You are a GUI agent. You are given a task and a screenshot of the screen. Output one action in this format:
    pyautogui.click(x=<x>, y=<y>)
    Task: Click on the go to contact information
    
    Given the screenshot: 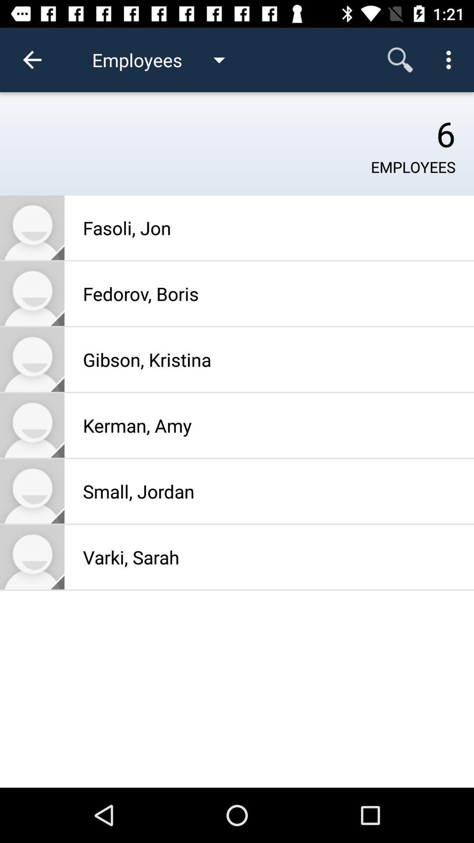 What is the action you would take?
    pyautogui.click(x=32, y=227)
    